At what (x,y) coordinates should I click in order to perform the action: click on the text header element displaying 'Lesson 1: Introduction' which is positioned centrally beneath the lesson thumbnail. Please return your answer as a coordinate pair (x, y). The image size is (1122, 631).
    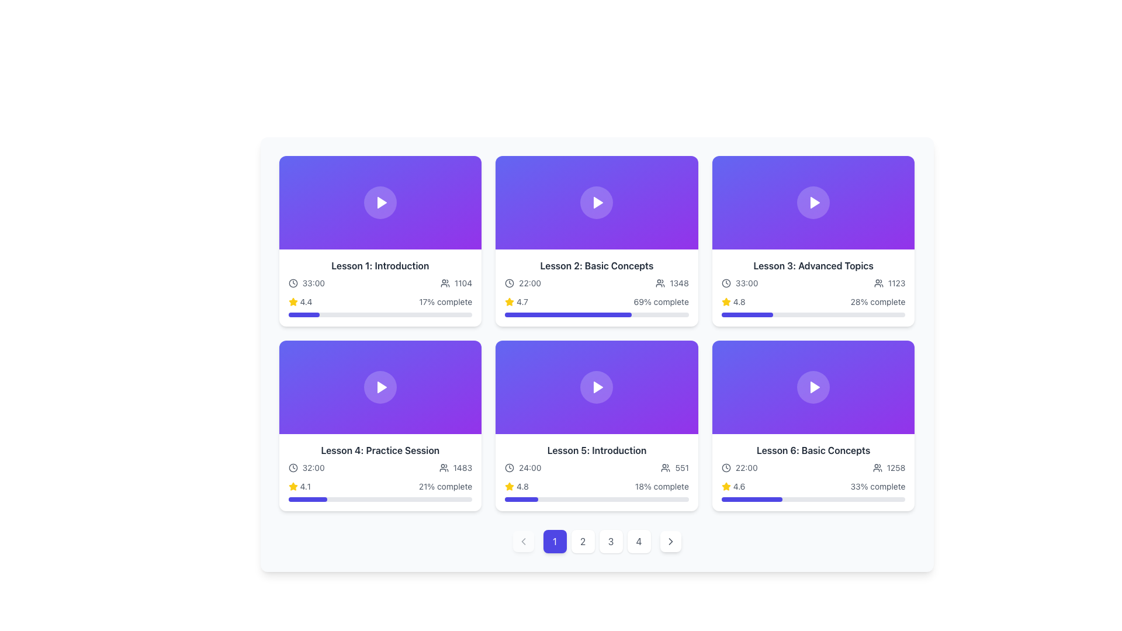
    Looking at the image, I should click on (380, 266).